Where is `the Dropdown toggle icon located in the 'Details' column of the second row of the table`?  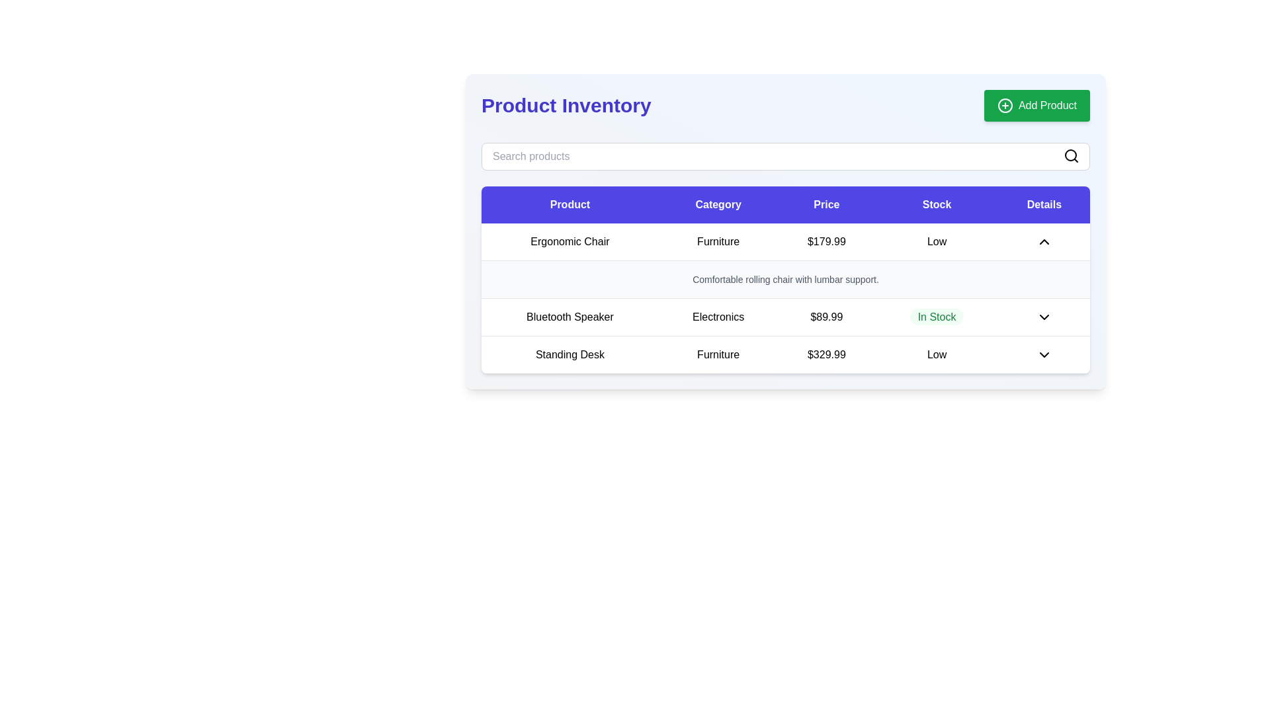 the Dropdown toggle icon located in the 'Details' column of the second row of the table is located at coordinates (1043, 317).